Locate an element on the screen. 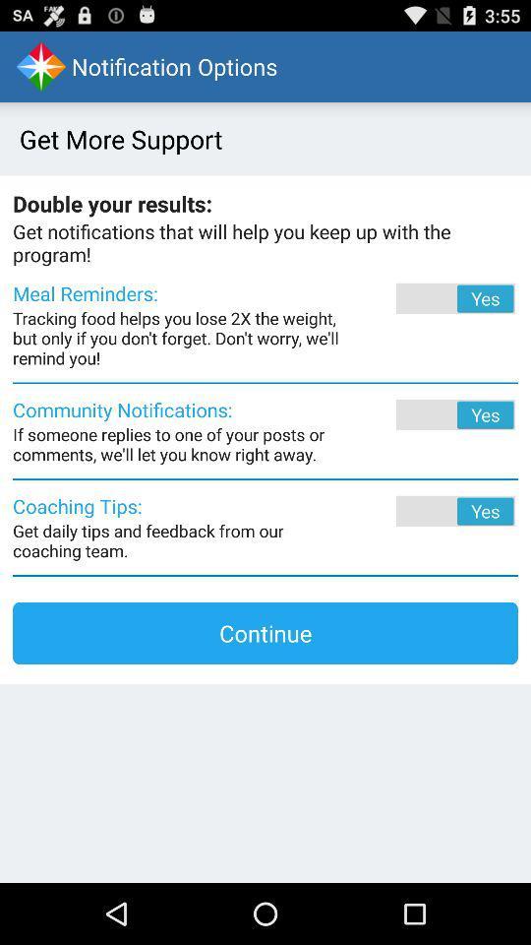  your option is located at coordinates (428, 510).